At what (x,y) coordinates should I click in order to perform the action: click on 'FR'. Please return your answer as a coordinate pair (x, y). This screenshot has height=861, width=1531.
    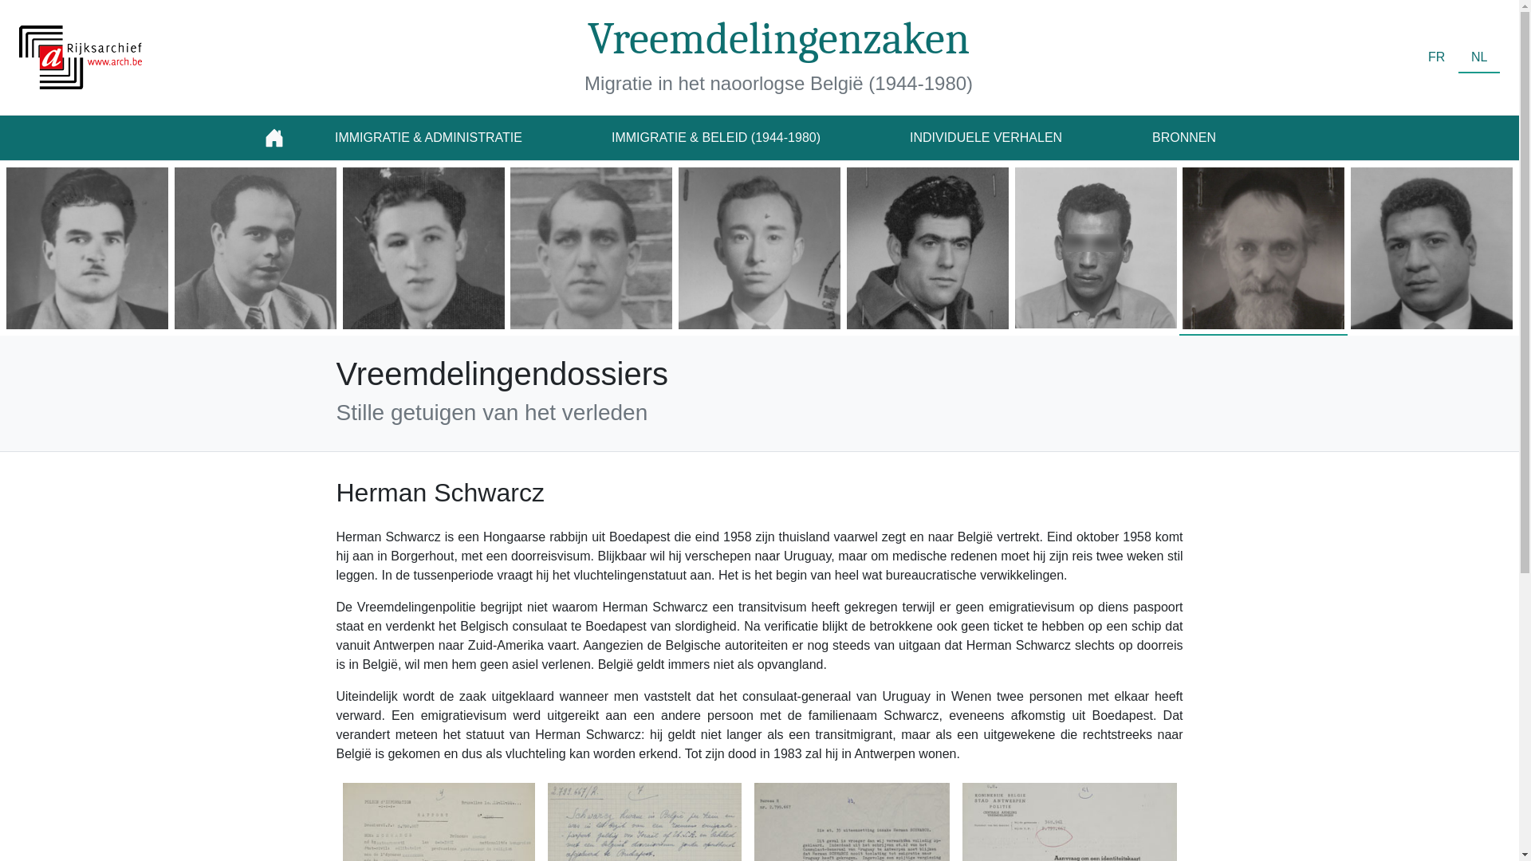
    Looking at the image, I should click on (1436, 57).